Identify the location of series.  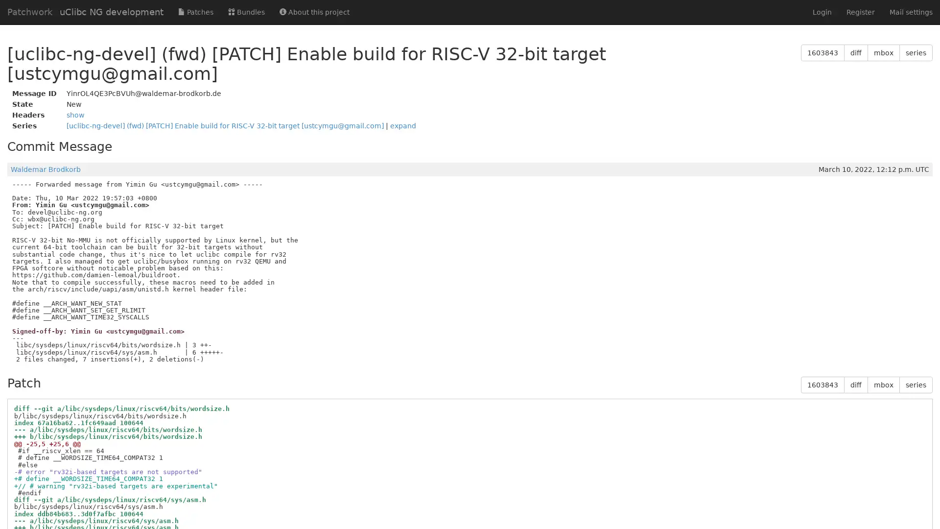
(916, 384).